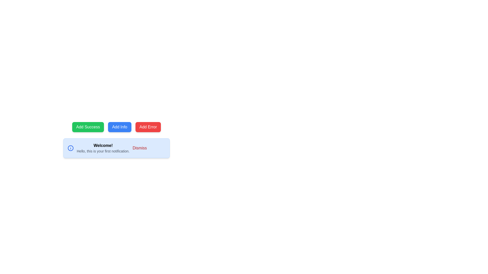  What do you see at coordinates (70, 148) in the screenshot?
I see `the informational icon located within the light blue notification box that reads 'Welcome! Hello, this is your first notification.'` at bounding box center [70, 148].